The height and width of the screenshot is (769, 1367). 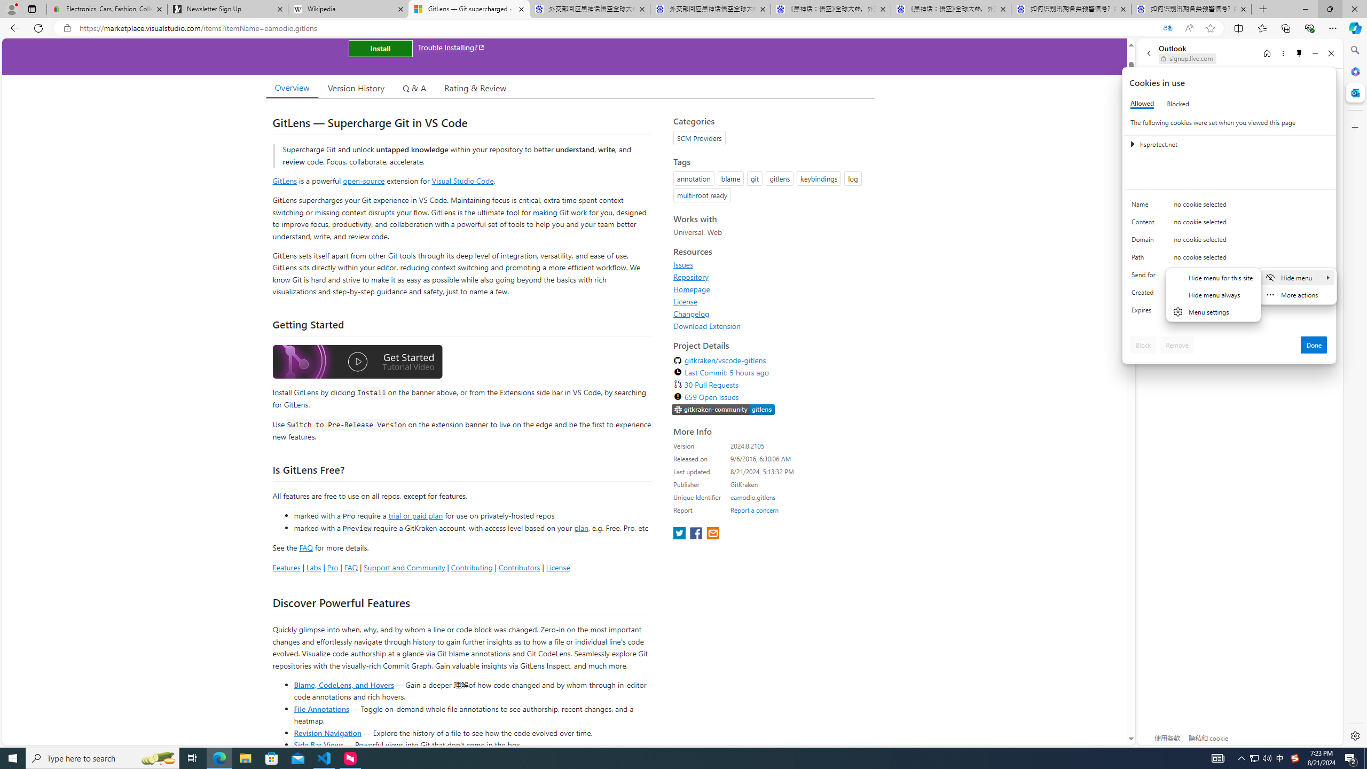 What do you see at coordinates (1250, 312) in the screenshot?
I see `'no cookie selected'` at bounding box center [1250, 312].